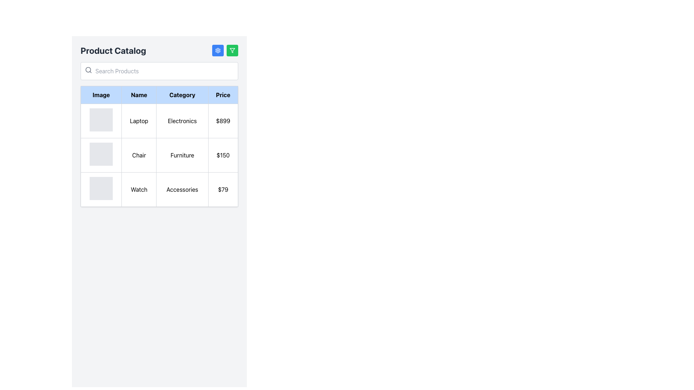 The image size is (694, 390). I want to click on the filter button with a funnel icon located on the far-right side of the tool group above the table to apply a filter, so click(232, 50).